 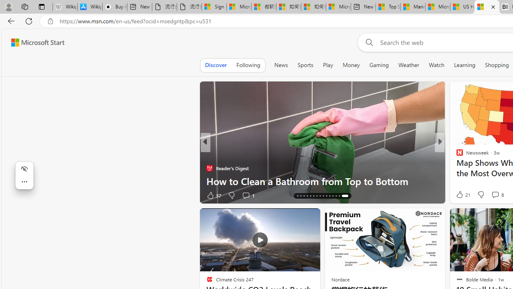 I want to click on 'Weather', so click(x=409, y=65).